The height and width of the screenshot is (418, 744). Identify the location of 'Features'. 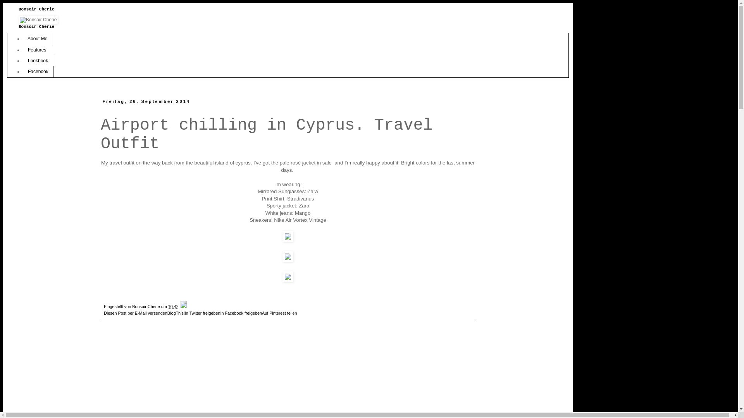
(36, 49).